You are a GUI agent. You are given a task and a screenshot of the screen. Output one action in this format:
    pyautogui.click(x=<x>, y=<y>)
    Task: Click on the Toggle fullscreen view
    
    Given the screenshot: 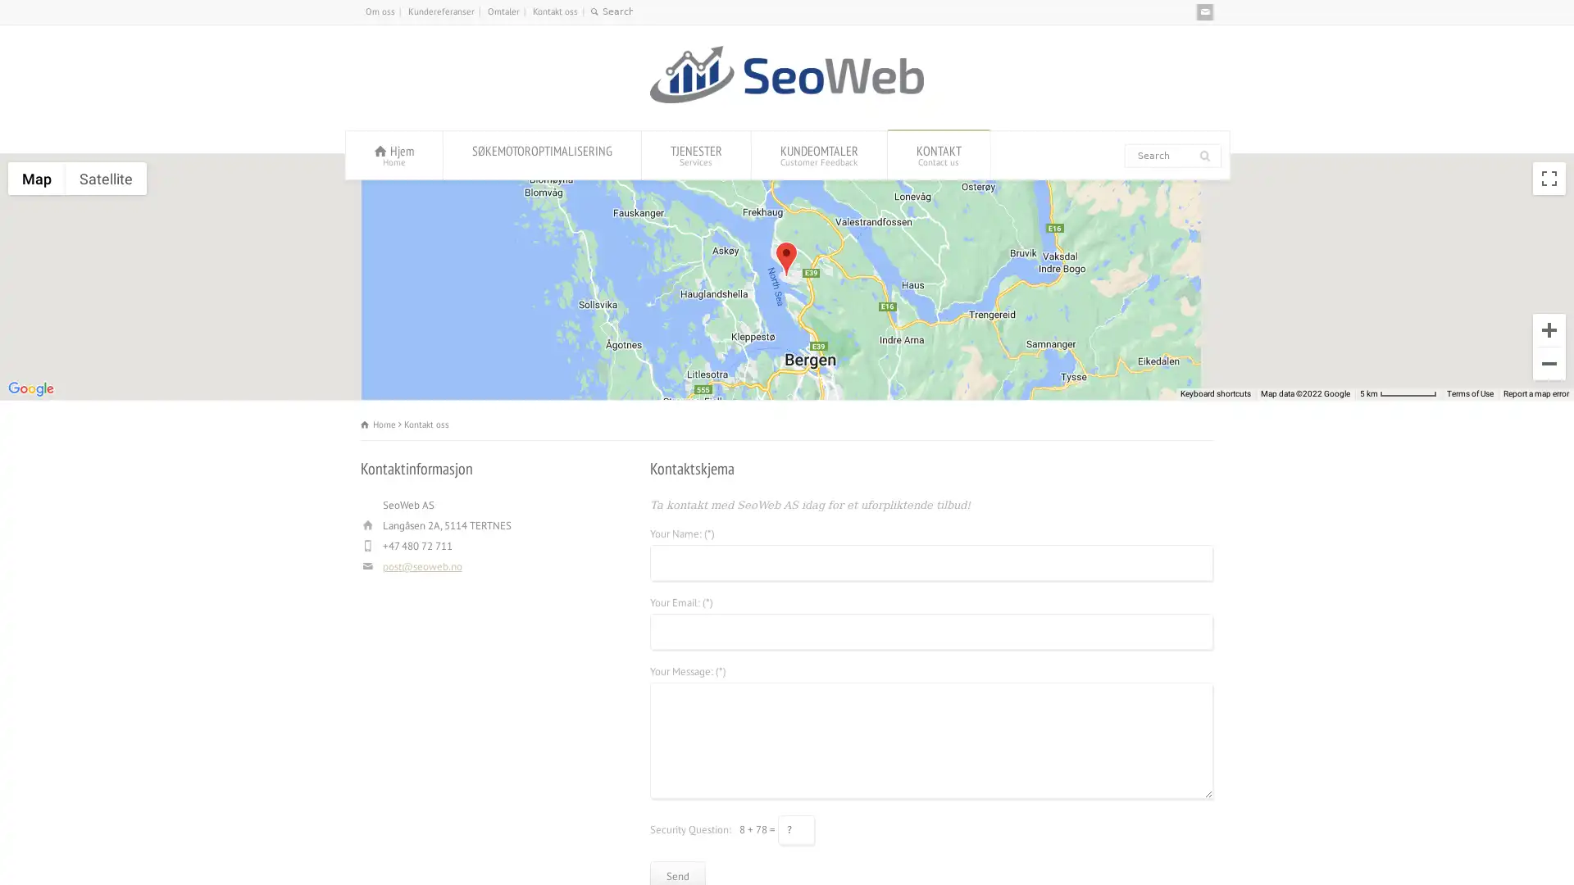 What is the action you would take?
    pyautogui.click(x=1549, y=179)
    